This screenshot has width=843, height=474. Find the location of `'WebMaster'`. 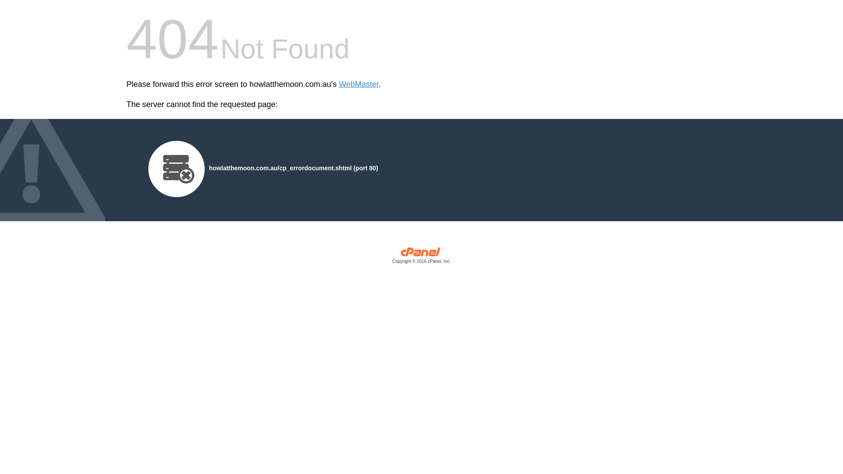

'WebMaster' is located at coordinates (359, 84).